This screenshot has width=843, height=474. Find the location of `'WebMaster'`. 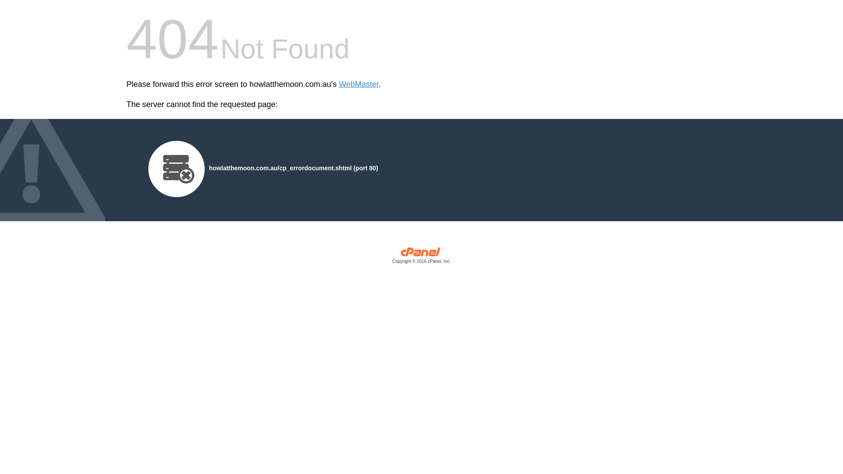

'WebMaster' is located at coordinates (359, 84).